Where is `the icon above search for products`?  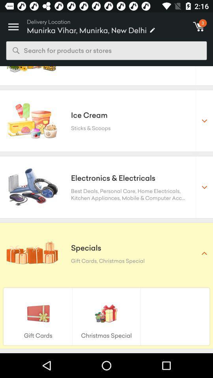
the icon above search for products is located at coordinates (13, 24).